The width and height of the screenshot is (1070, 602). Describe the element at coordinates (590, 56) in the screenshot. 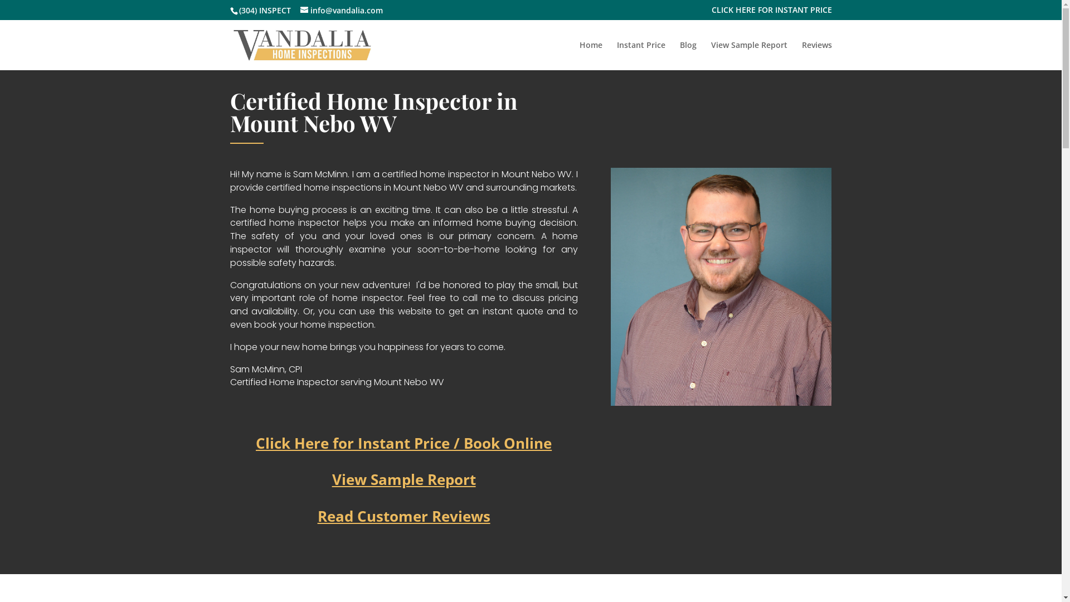

I see `'Home'` at that location.